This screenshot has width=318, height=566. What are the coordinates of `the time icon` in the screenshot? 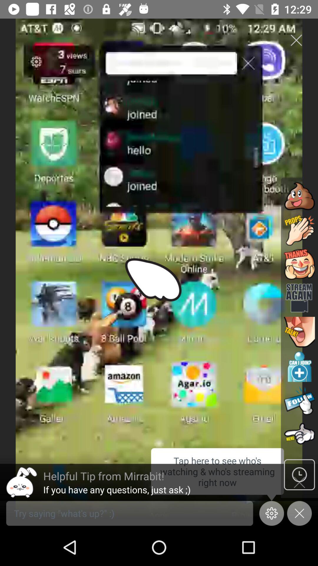 It's located at (299, 482).